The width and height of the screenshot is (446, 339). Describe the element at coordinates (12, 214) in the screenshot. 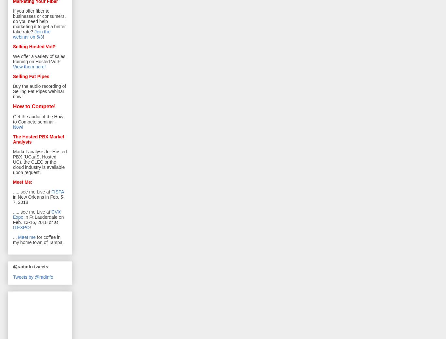

I see `'CVX Expo'` at that location.